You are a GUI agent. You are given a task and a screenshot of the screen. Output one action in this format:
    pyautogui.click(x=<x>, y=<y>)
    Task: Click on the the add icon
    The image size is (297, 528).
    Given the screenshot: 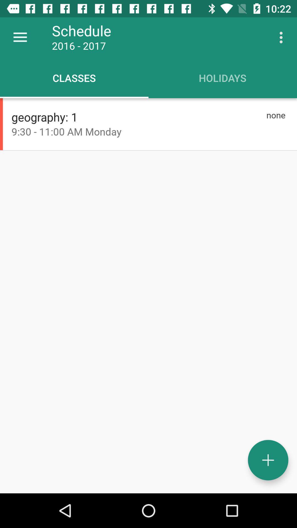 What is the action you would take?
    pyautogui.click(x=268, y=460)
    